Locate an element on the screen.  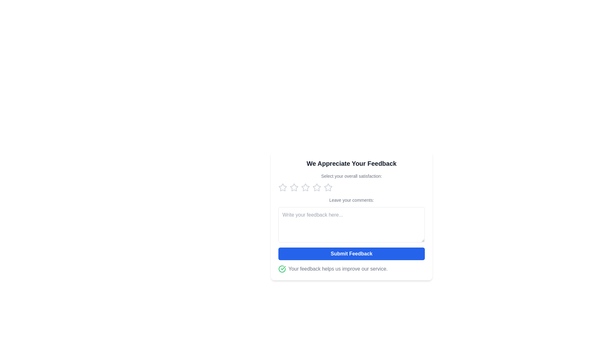
the first star-shaped icon with a light gray outline used for rating purposes is located at coordinates (294, 187).